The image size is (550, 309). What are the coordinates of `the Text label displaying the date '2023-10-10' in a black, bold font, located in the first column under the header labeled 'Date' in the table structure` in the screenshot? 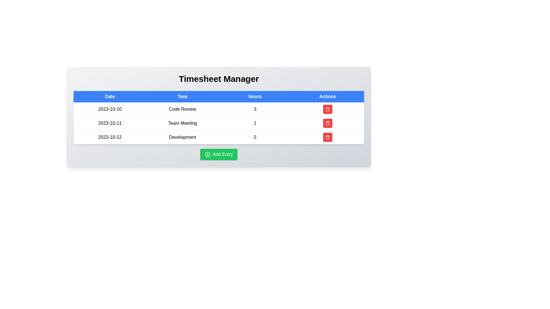 It's located at (110, 109).